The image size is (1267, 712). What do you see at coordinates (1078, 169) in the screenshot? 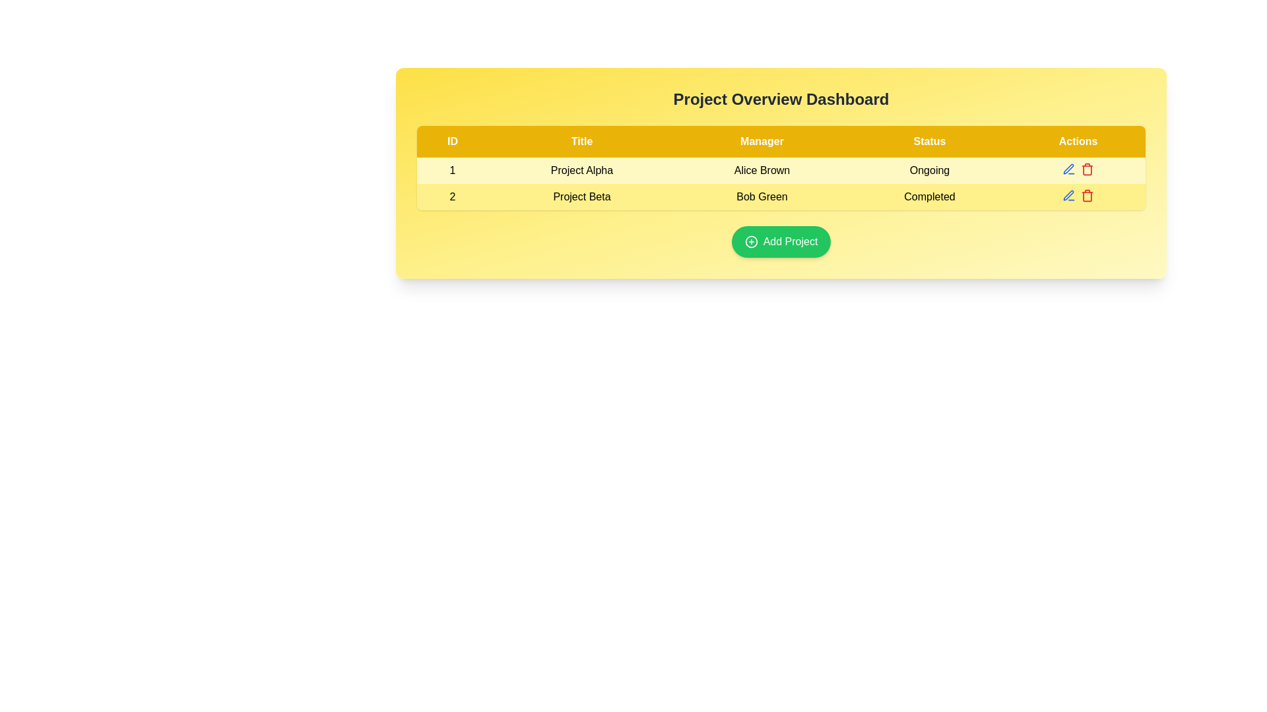
I see `the blue pencil-like icon in the Action group for the entry labeled '1' with project title 'Project Alpha'` at bounding box center [1078, 169].